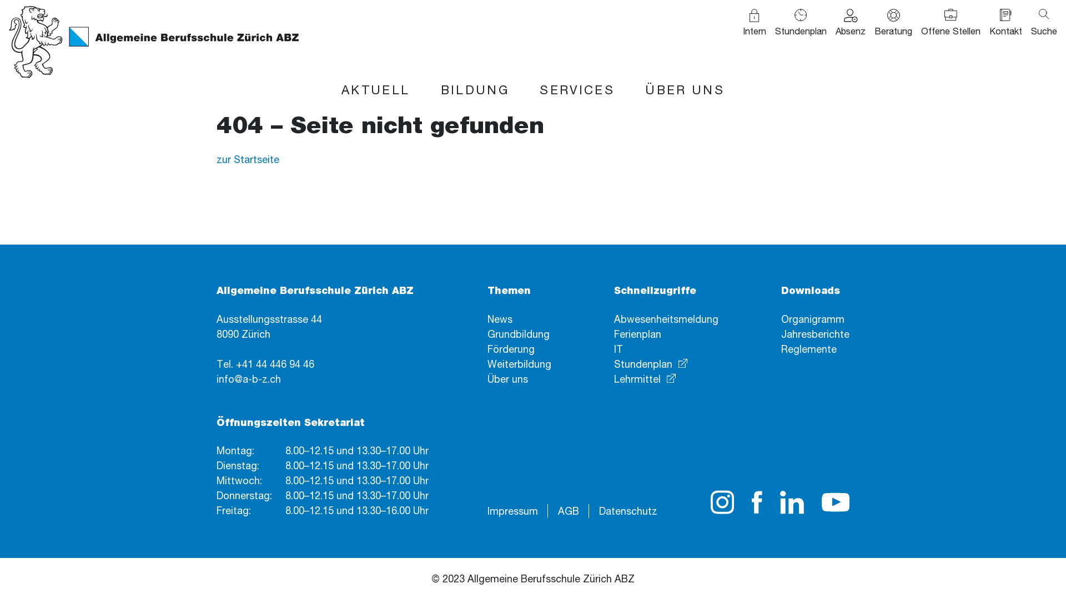 The width and height of the screenshot is (1066, 599). Describe the element at coordinates (950, 23) in the screenshot. I see `'Offene Stellen'` at that location.